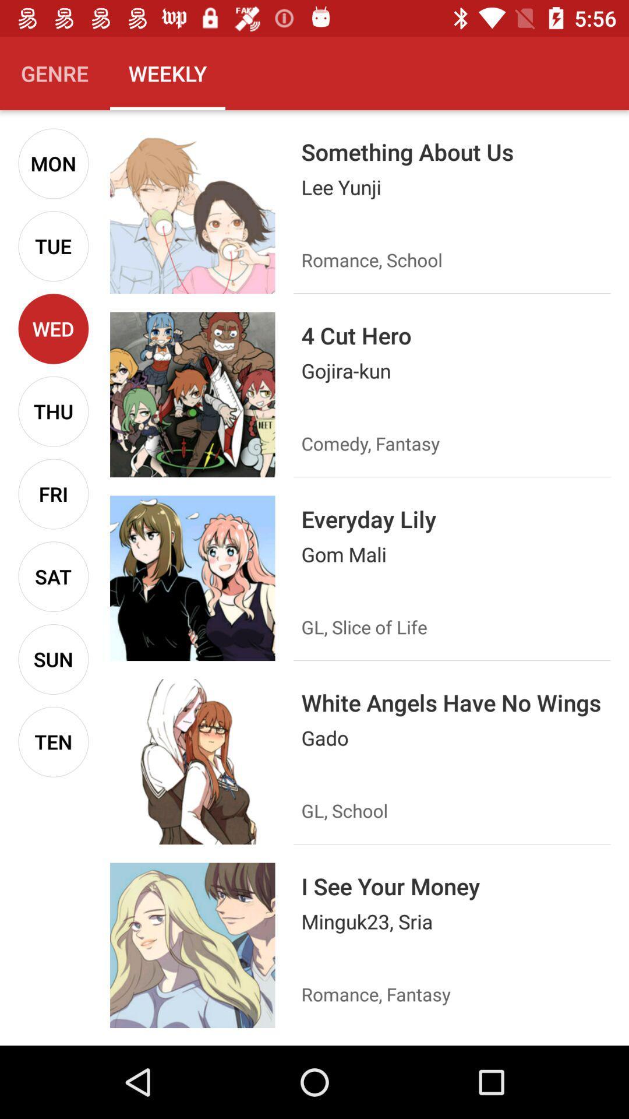 The image size is (629, 1119). Describe the element at coordinates (53, 494) in the screenshot. I see `the fri icon` at that location.